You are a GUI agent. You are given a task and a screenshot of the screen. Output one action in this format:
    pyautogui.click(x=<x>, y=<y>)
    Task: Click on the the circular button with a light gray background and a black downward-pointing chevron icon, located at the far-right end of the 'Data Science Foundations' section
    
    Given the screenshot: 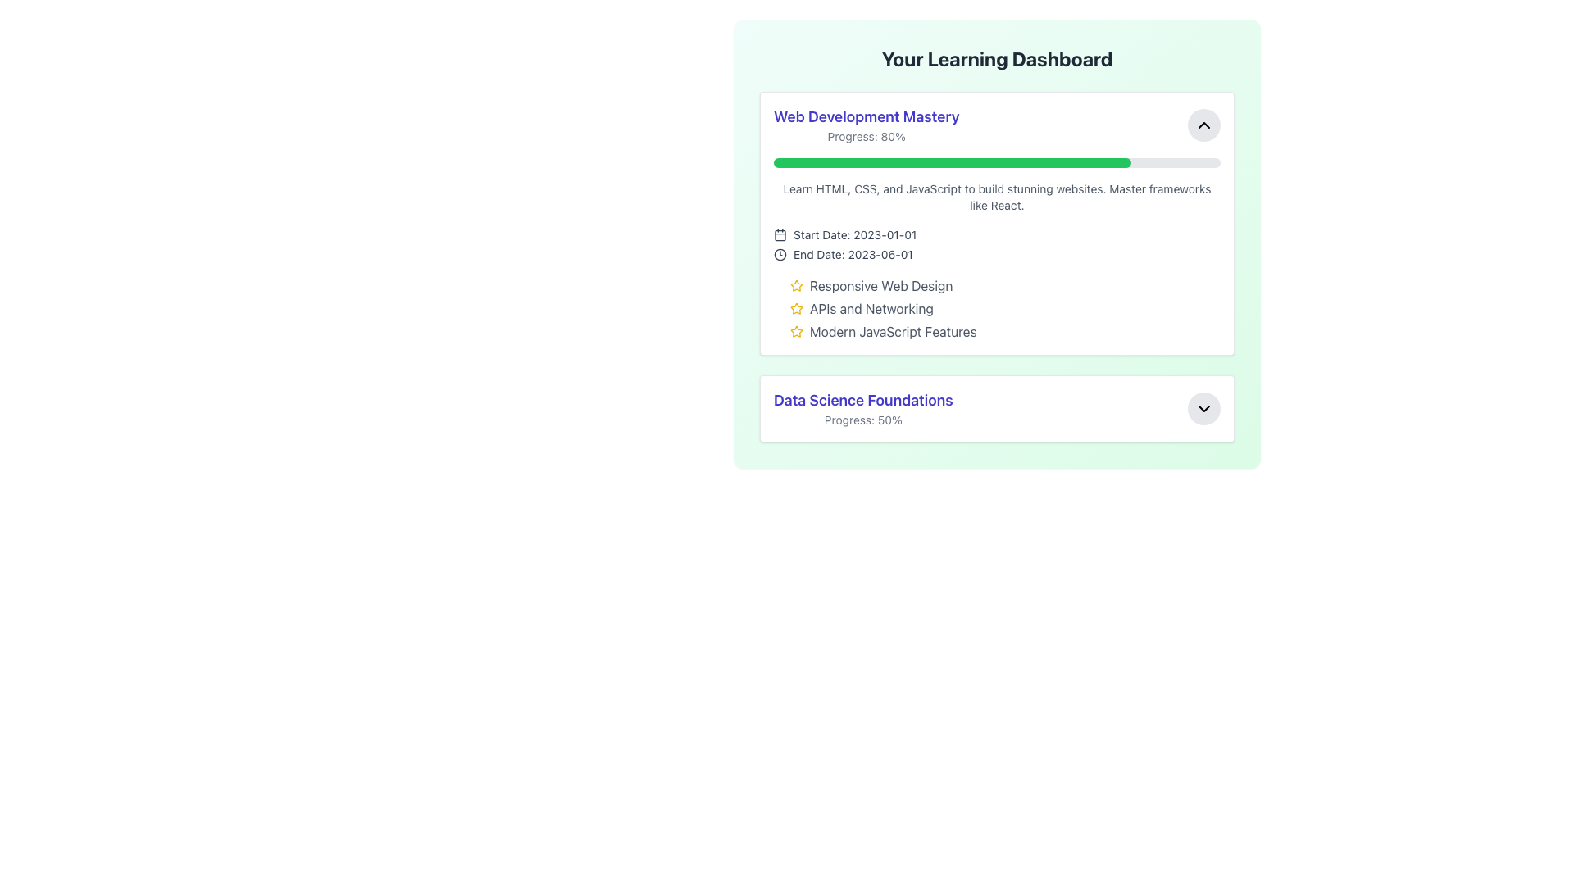 What is the action you would take?
    pyautogui.click(x=1203, y=407)
    